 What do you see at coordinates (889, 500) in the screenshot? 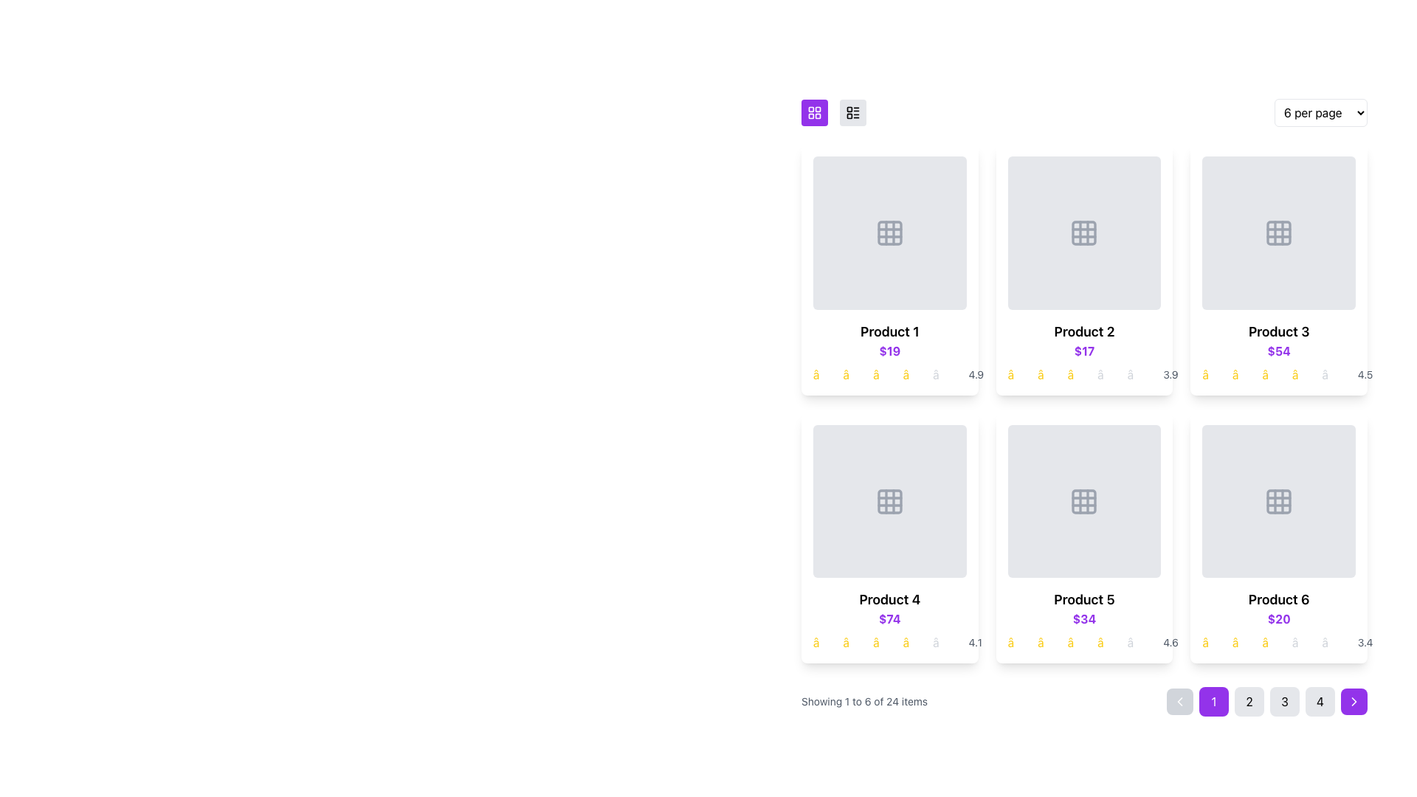
I see `the light gray decorative shape within the central grid square of the 3x3 grid icon in the product preview area for 'Product 4'` at bounding box center [889, 500].